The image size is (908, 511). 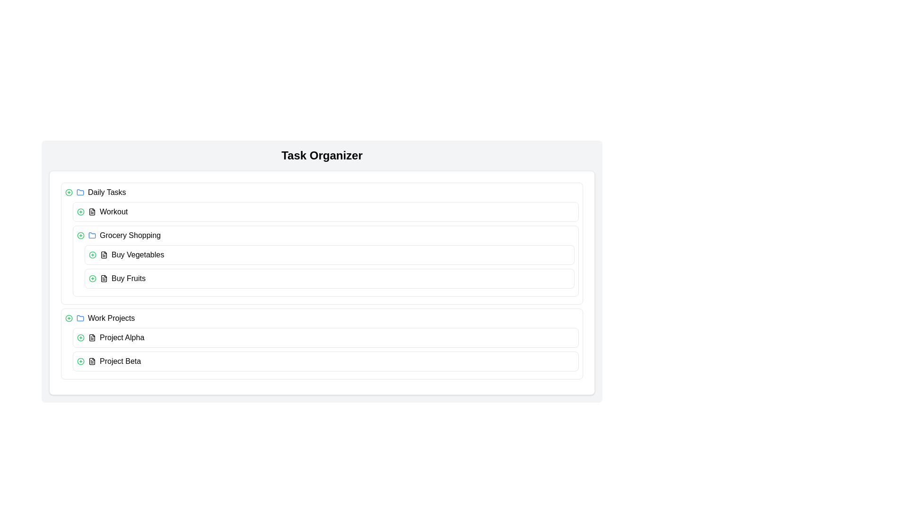 I want to click on the document icon located in the 'Work Projects' section, next to the 'Project Alpha' label, so click(x=92, y=337).